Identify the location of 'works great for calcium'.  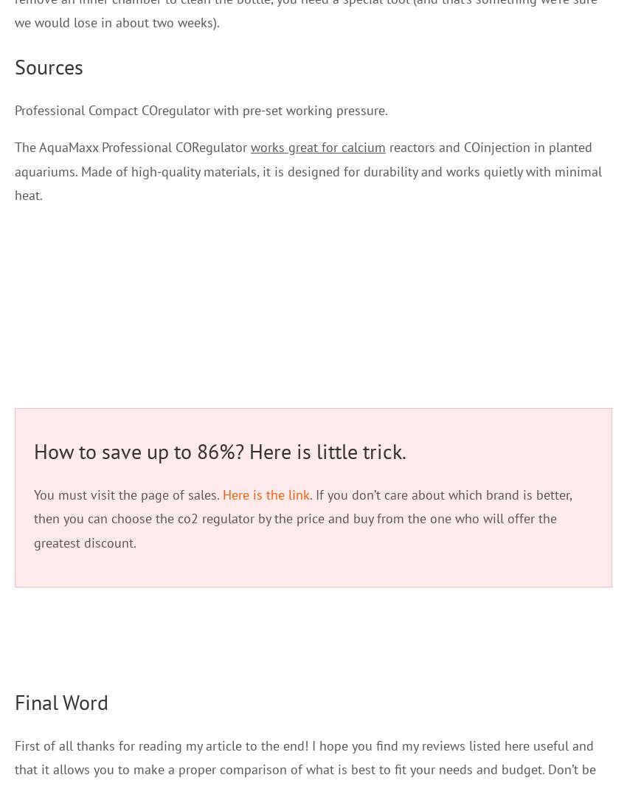
(317, 146).